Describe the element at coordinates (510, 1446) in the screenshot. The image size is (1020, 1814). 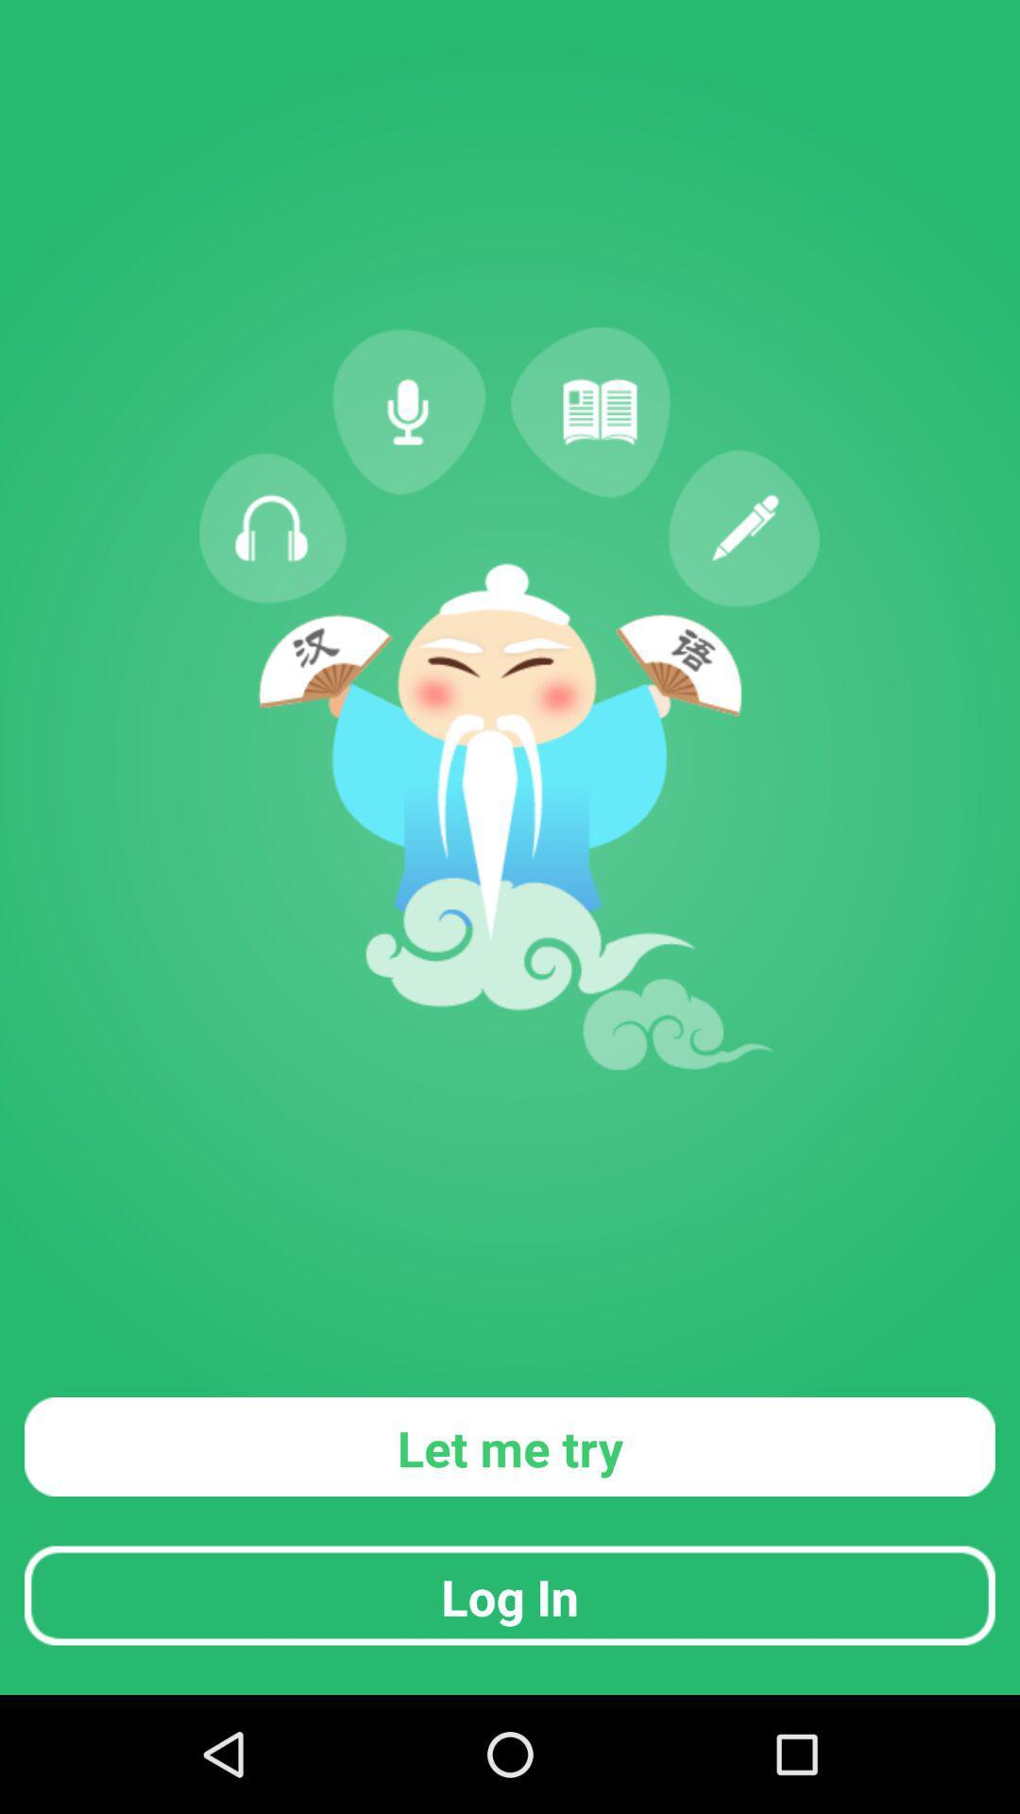
I see `icon above the log in button` at that location.